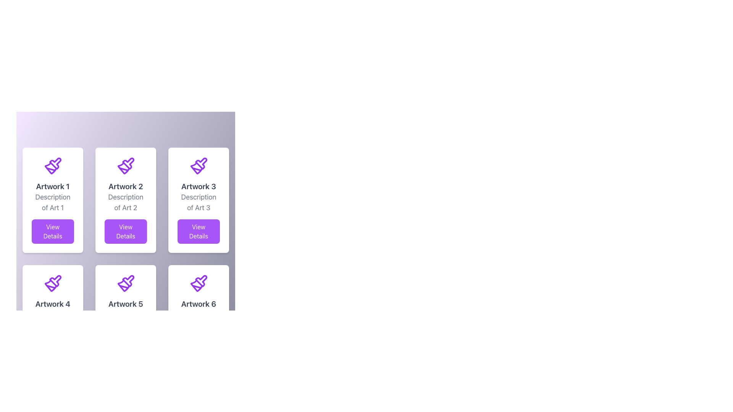 This screenshot has width=733, height=412. I want to click on the decorative icon located in the 'Artwork 2' card, which enhances the visual appeal and thematic association of the card, so click(128, 163).